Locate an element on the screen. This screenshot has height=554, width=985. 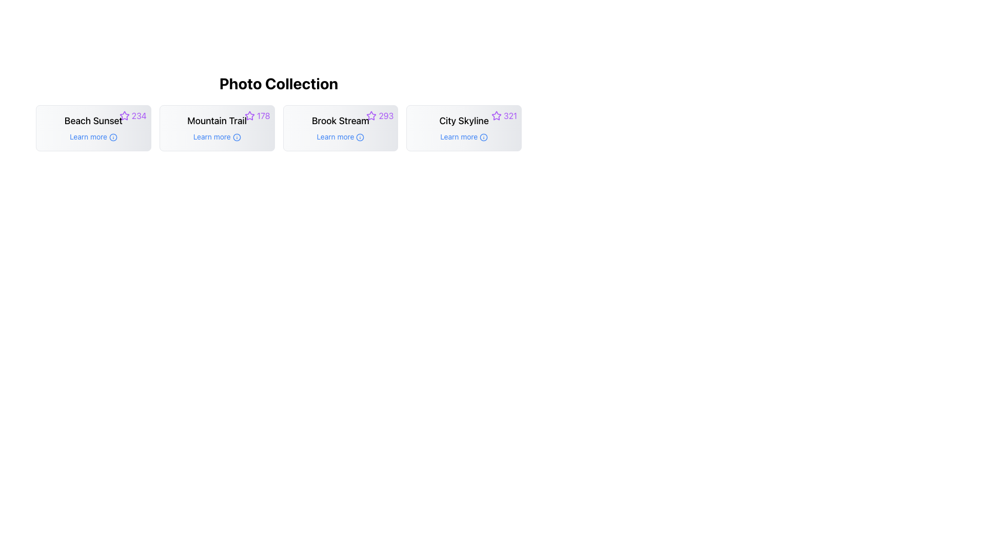
the 'Learn more' link within the 'Mountain Trail' card element, which is the second card in a horizontally aligned set of four cards in the grid layout is located at coordinates (216, 128).